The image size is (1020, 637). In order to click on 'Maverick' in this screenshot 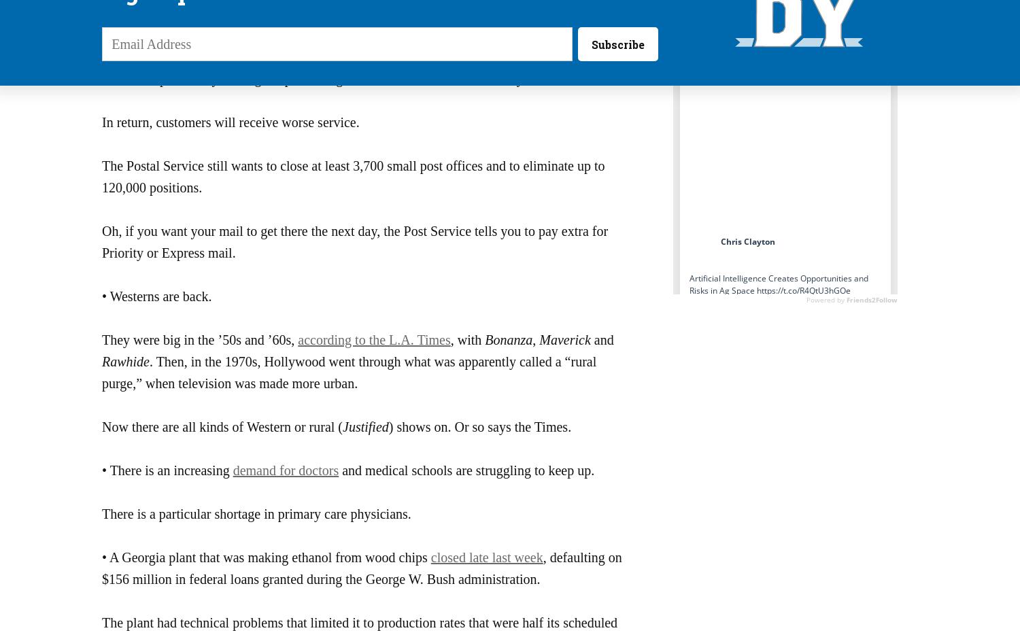, I will do `click(564, 339)`.